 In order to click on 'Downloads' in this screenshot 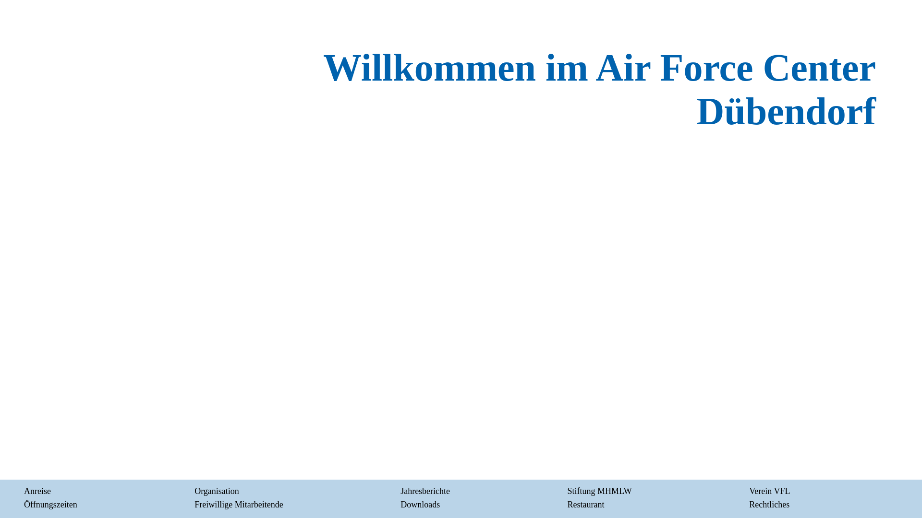, I will do `click(400, 504)`.